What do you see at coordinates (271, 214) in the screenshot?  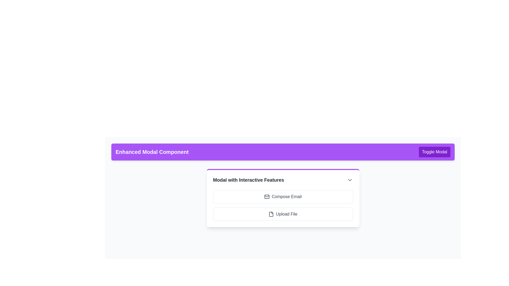 I see `the document icon located in the modal titled 'Modal with Interactive Features', positioned to the left of the 'Upload File' button` at bounding box center [271, 214].